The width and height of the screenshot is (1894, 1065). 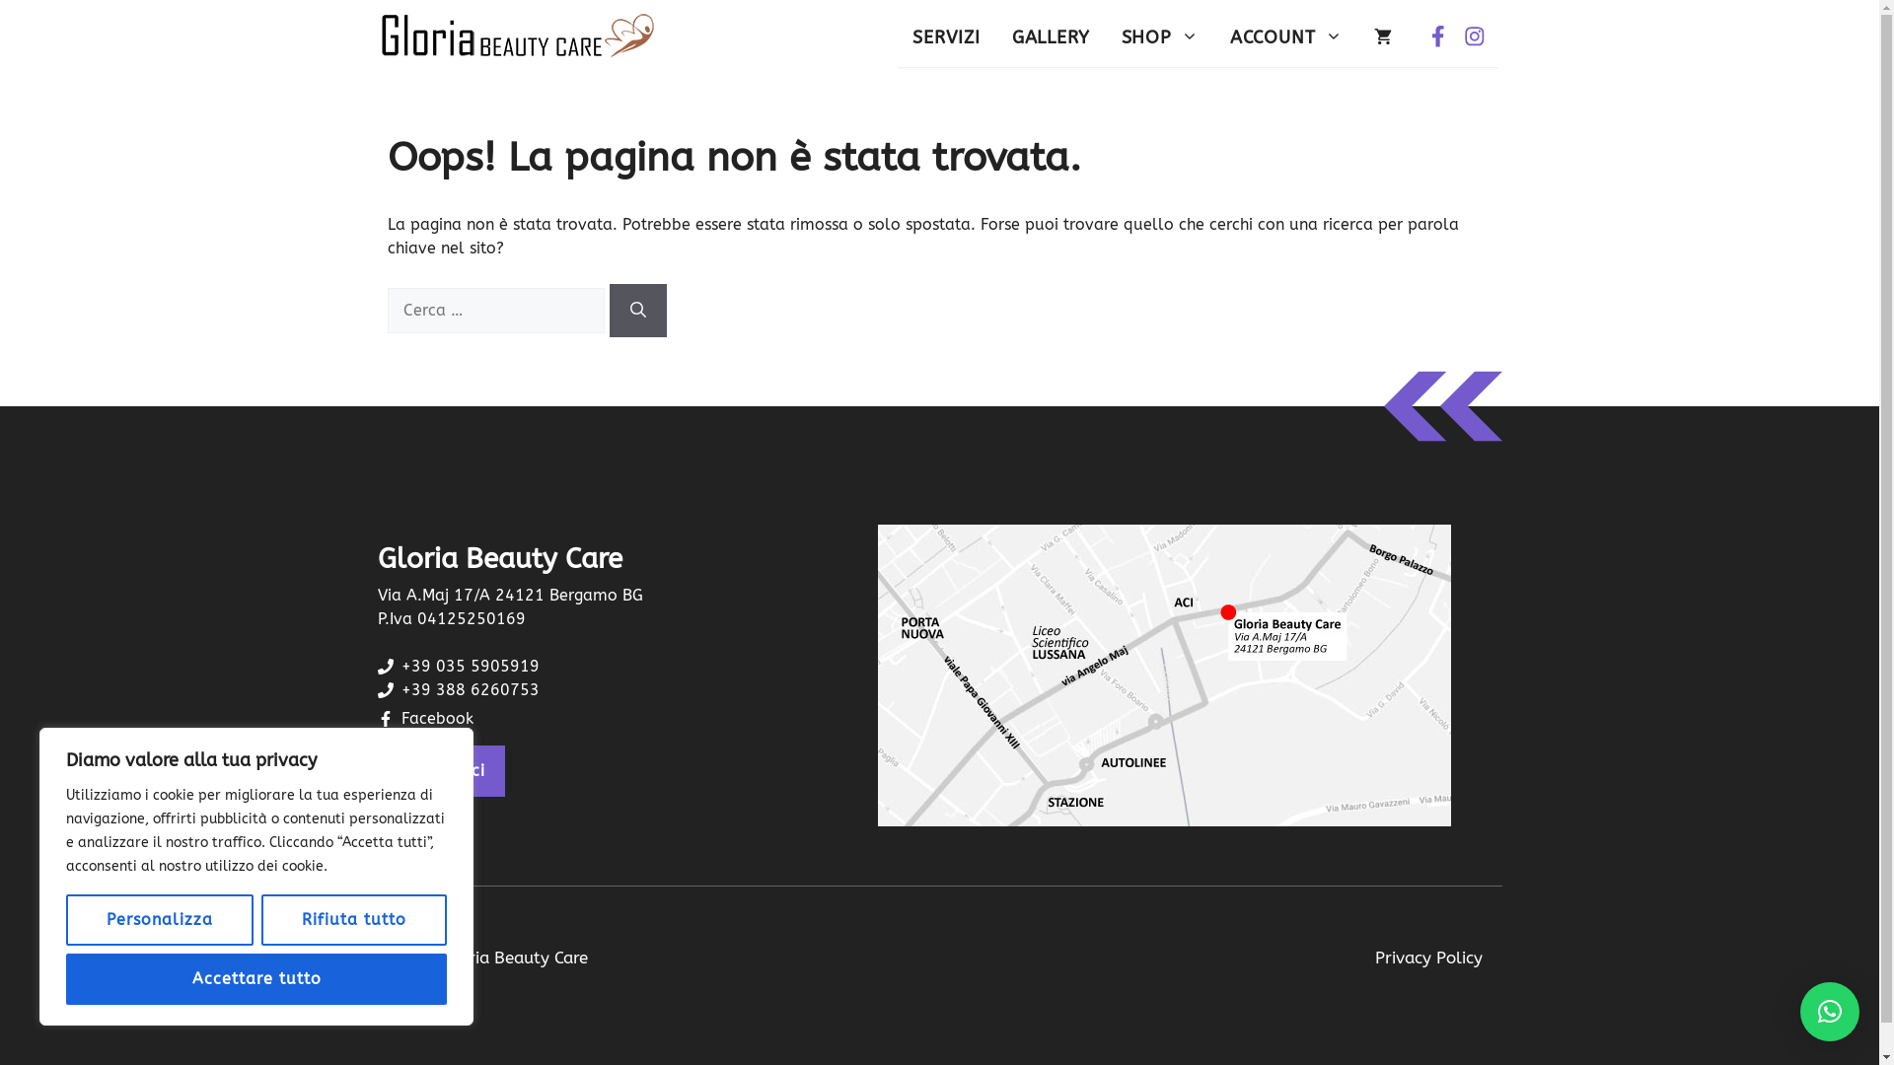 I want to click on '+39 035 5905919', so click(x=468, y=666).